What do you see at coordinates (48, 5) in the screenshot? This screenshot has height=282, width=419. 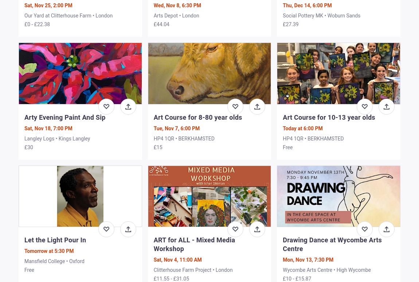 I see `'Sat, Nov 25, 2:00 PM'` at bounding box center [48, 5].